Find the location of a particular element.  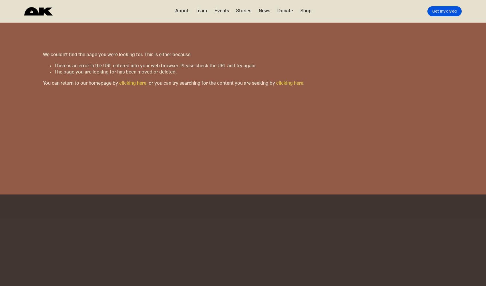

'You can return to our homepage by' is located at coordinates (81, 83).